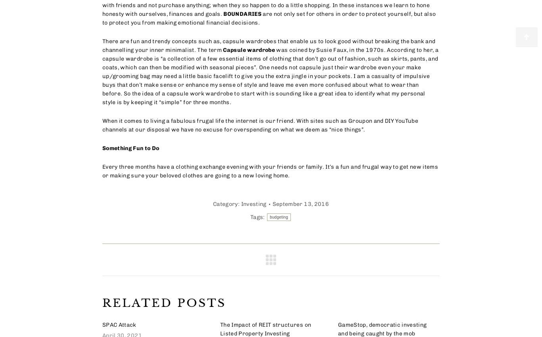 This screenshot has width=542, height=337. I want to click on 'Tags:', so click(249, 216).